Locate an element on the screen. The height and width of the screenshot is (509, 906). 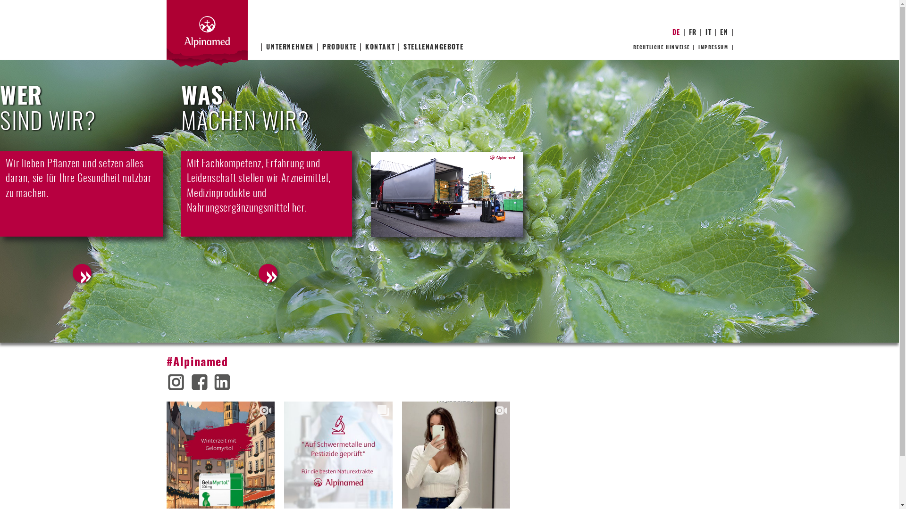
'RECHTLICHE HINWEISE' is located at coordinates (661, 47).